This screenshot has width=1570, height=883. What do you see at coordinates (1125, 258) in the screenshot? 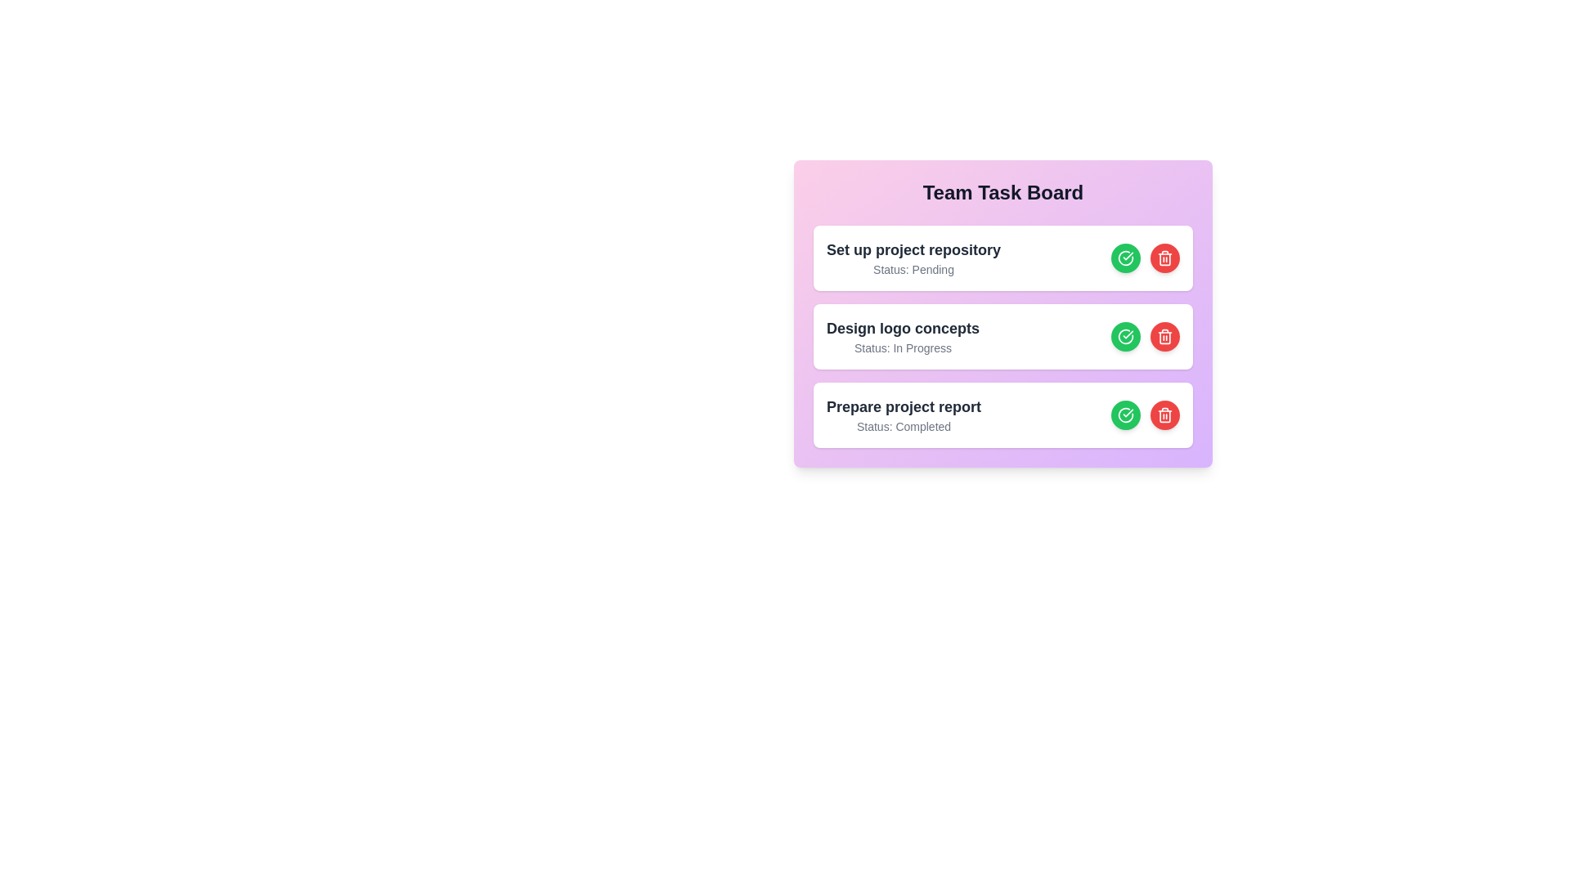
I see `'Complete Task' button for the task 1` at bounding box center [1125, 258].